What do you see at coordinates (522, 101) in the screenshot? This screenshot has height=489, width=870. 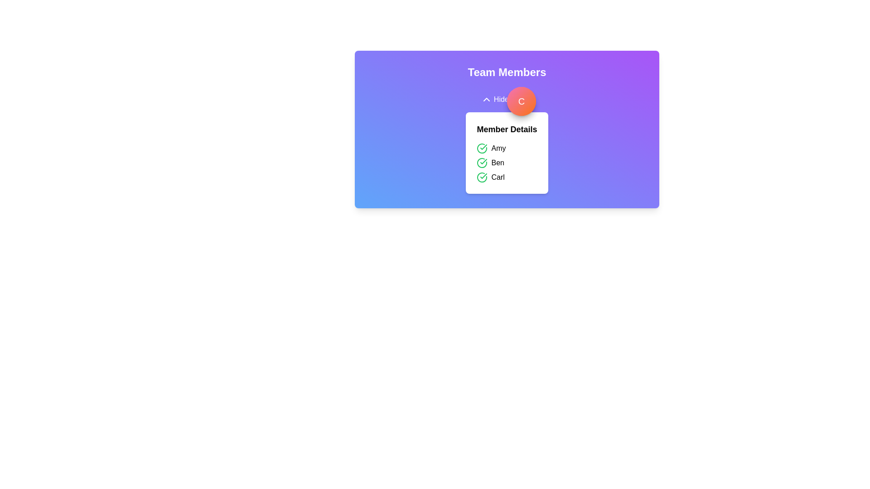 I see `the circular icon or button labeled 'C' located to the right of the 'Hide' text in the 'Team Members' section` at bounding box center [522, 101].